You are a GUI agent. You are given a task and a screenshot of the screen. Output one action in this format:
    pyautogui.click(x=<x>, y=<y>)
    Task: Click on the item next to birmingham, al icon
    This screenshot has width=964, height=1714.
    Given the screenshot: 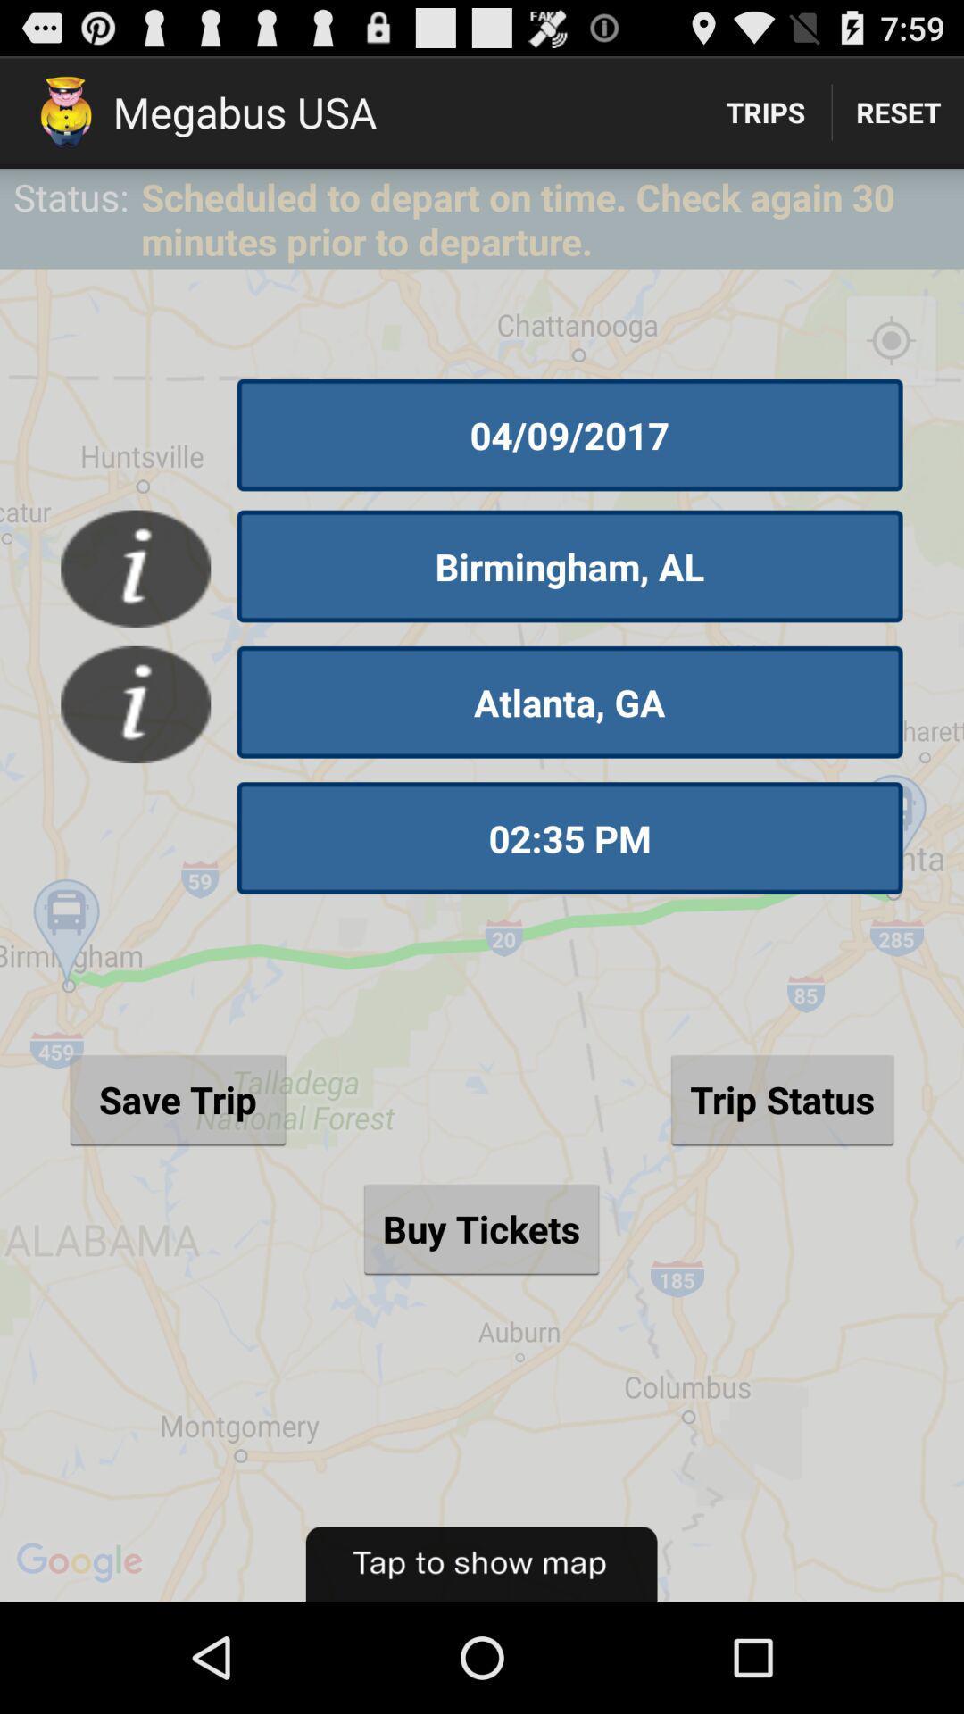 What is the action you would take?
    pyautogui.click(x=135, y=568)
    